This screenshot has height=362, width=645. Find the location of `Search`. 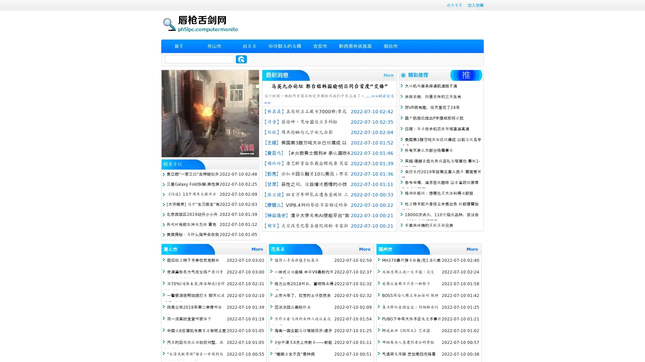

Search is located at coordinates (241, 59).